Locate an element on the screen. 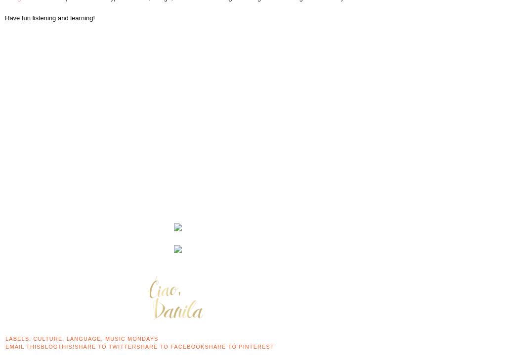 This screenshot has height=361, width=506. 'Have fun listening and learning!' is located at coordinates (49, 17).